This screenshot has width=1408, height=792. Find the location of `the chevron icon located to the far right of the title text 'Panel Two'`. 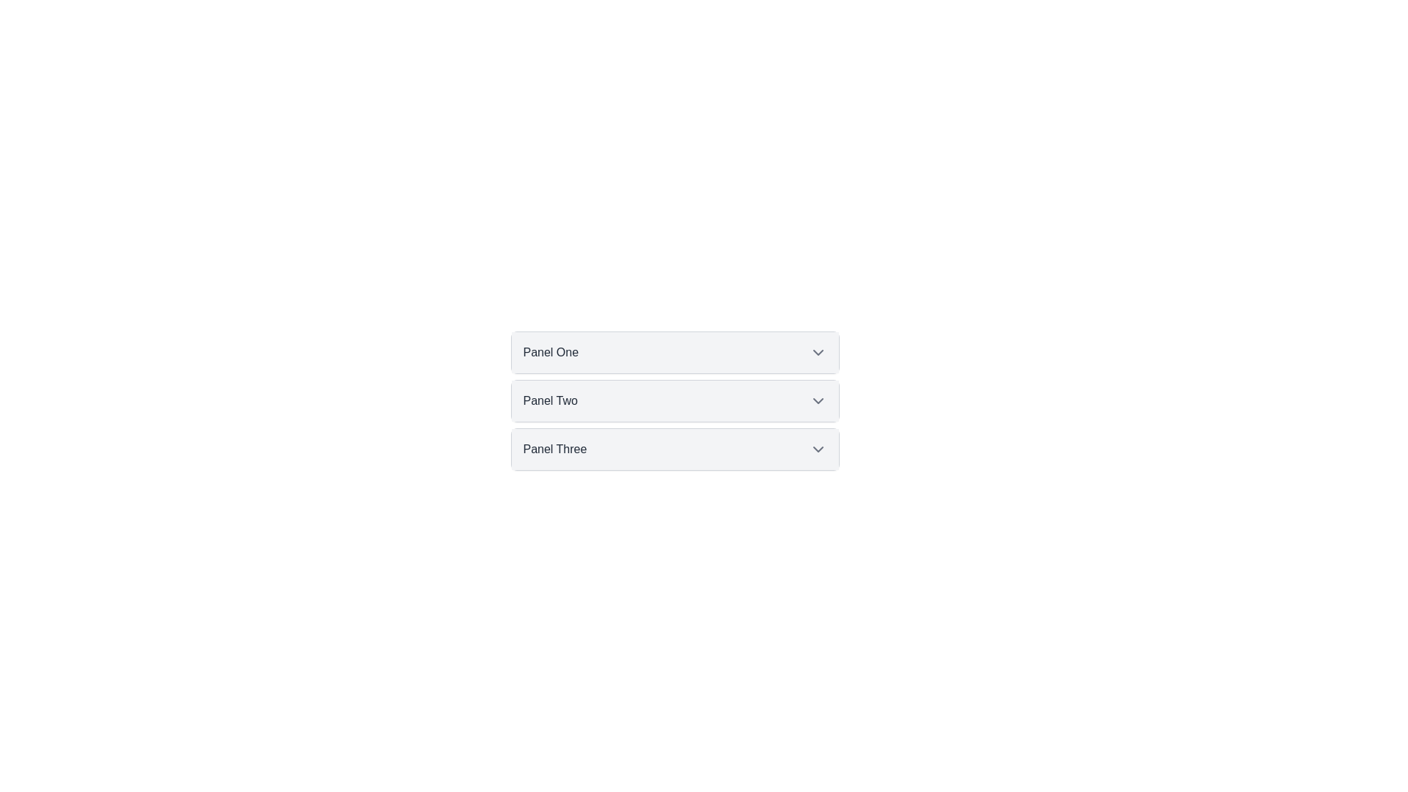

the chevron icon located to the far right of the title text 'Panel Two' is located at coordinates (817, 401).